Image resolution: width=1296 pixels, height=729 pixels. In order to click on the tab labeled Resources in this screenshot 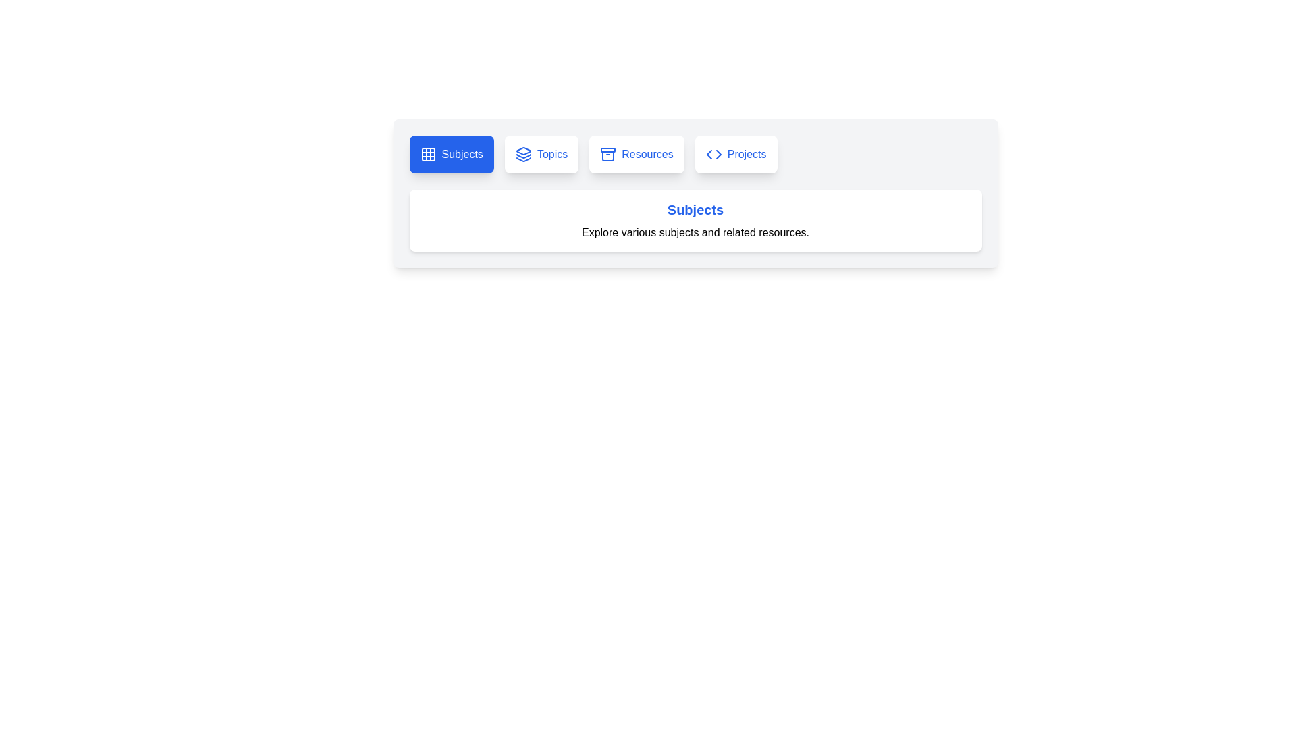, I will do `click(636, 153)`.